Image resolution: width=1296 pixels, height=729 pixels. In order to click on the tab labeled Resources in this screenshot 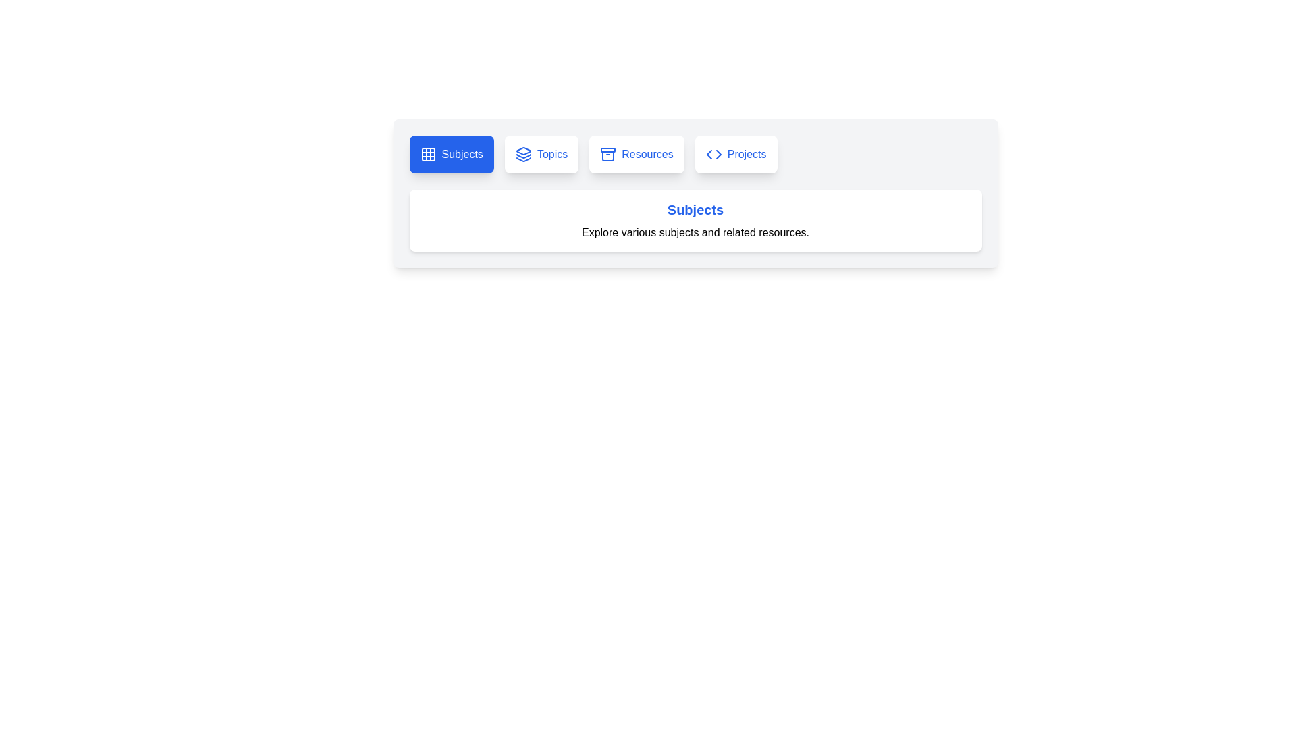, I will do `click(636, 153)`.